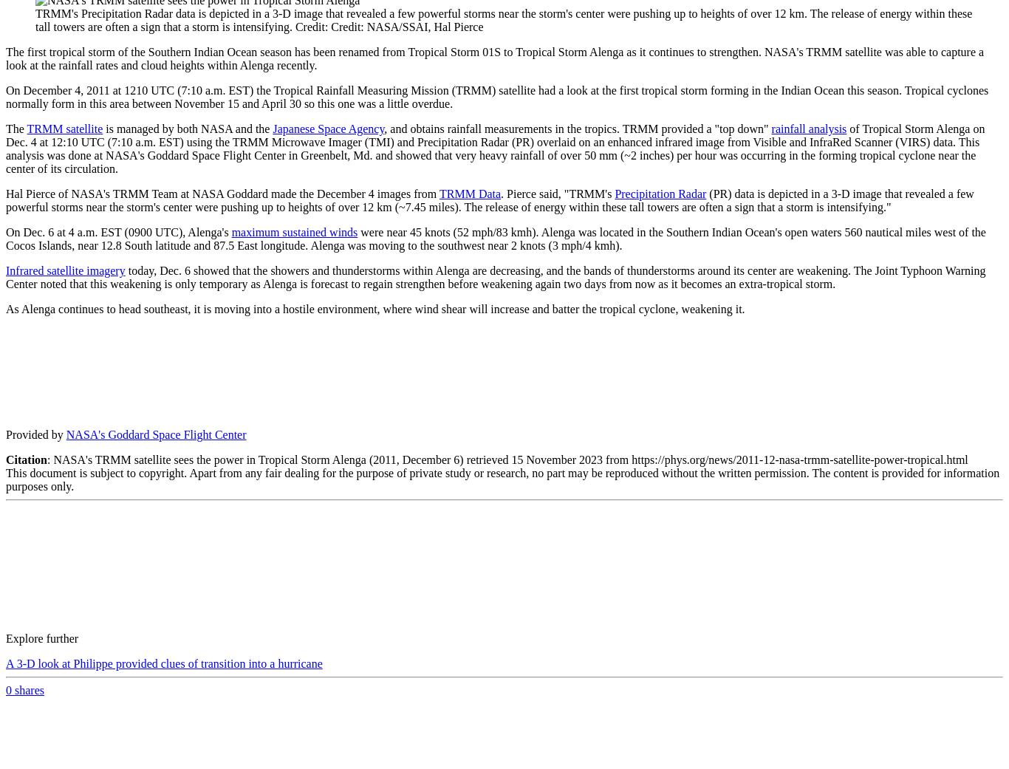  What do you see at coordinates (494, 148) in the screenshot?
I see `'of Tropical Storm Alenga on Dec. 4 at 12:10 UTC (7:10 a.m. EST) using the TRMM Microwave Imager (TMI) and Precipitation Radar (PR) overlaid on an enhanced infrared image from Visible and InfraRed Scanner (VIRS) data. This analysis was done at NASA's Goddard Space Flight Center in Greenbelt, Md. and showed that very heavy rainfall of over 50 mm (~2 inches) per hour was occurring in the forming tropical cyclone near the center of its circulation.'` at bounding box center [494, 148].